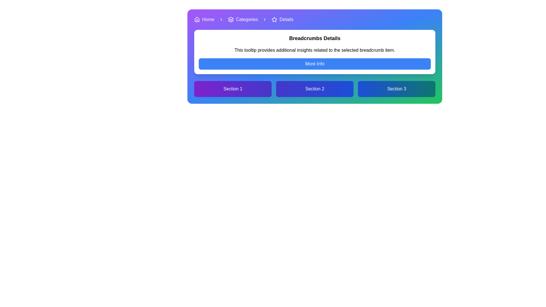  What do you see at coordinates (233, 89) in the screenshot?
I see `the first static label or navigational button located at the leftmost position in the horizontal row beneath the title and the 'More Info' button` at bounding box center [233, 89].